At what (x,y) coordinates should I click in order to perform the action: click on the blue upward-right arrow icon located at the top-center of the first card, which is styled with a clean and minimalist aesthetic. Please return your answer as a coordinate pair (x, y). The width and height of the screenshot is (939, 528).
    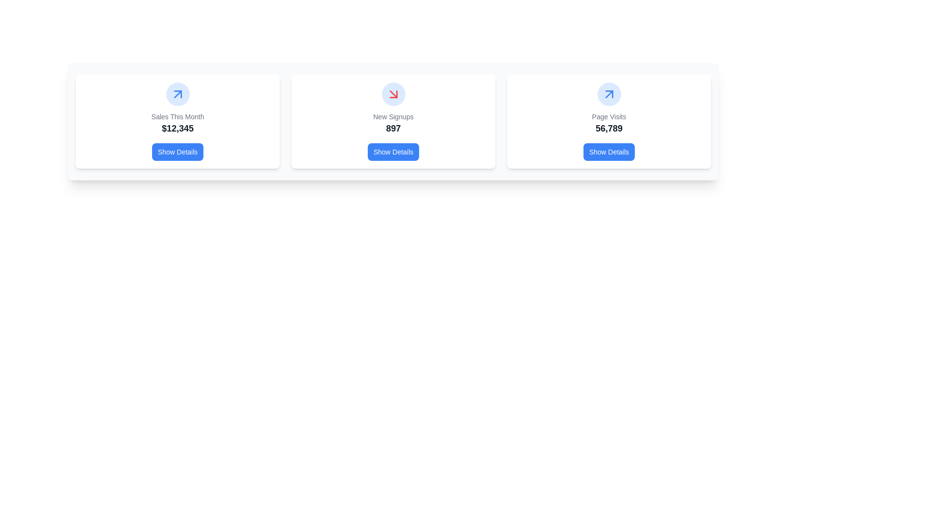
    Looking at the image, I should click on (178, 94).